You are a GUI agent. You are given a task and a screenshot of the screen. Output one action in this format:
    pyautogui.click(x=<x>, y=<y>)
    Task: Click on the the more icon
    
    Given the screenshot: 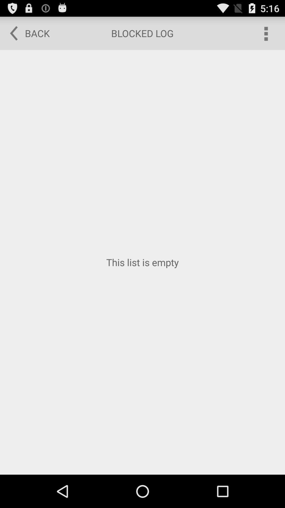 What is the action you would take?
    pyautogui.click(x=265, y=35)
    